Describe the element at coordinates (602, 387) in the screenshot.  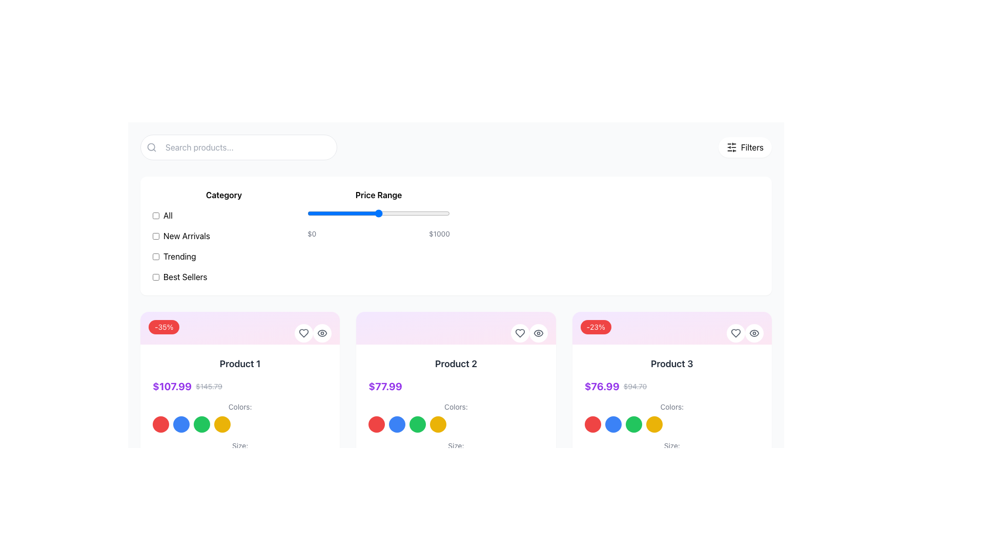
I see `the text display showing the current price of 'Product 3', which is centrally located under the product title and near the comparison price` at that location.